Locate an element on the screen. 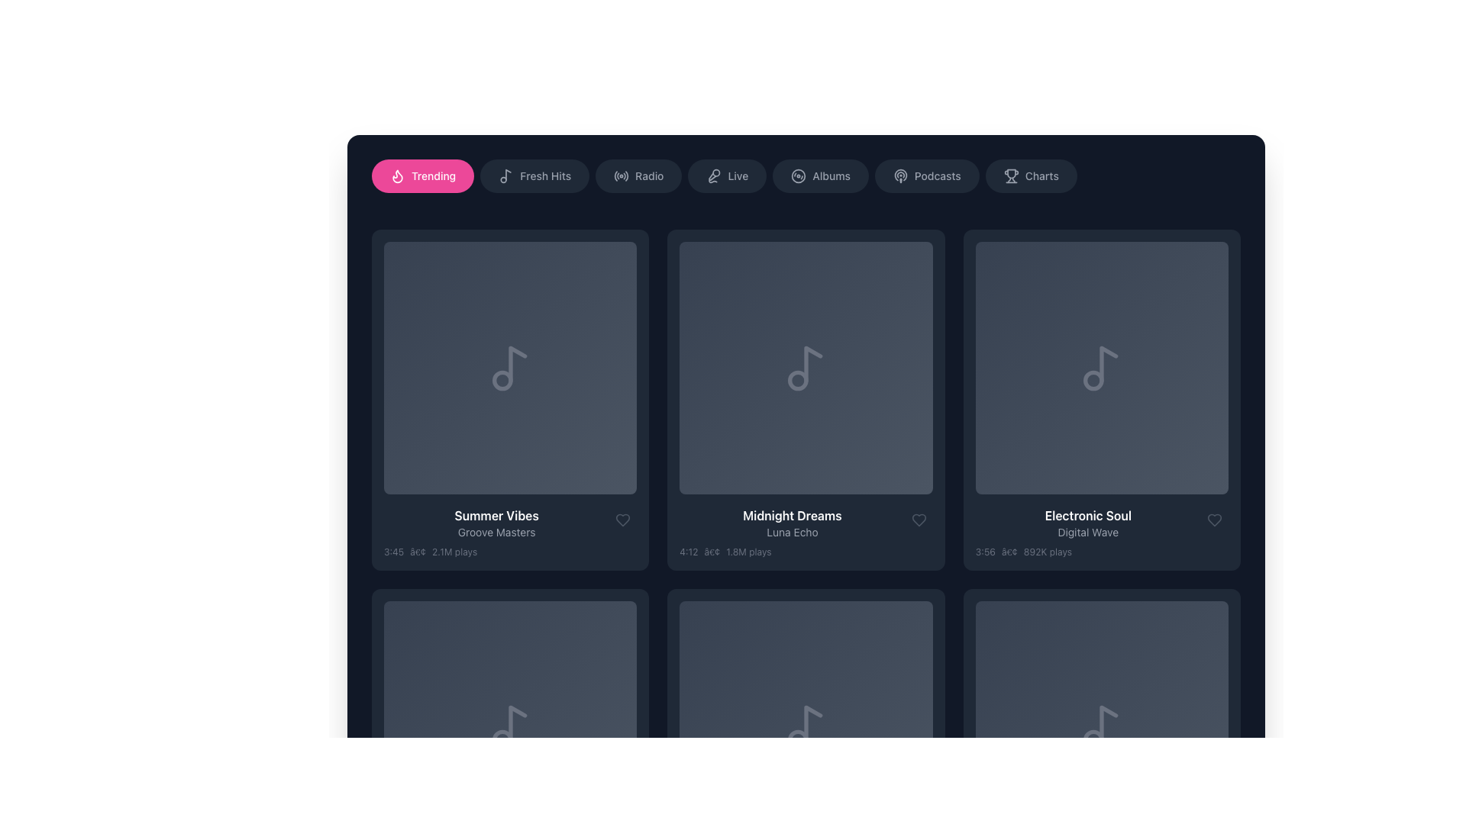 The image size is (1466, 824). text label that displays the title of the playlist, album, or track, located in the lower portion of the third grid item in a horizontally scrolling list, positioned centrally above the 'Digital Wave' text is located at coordinates (1087, 515).